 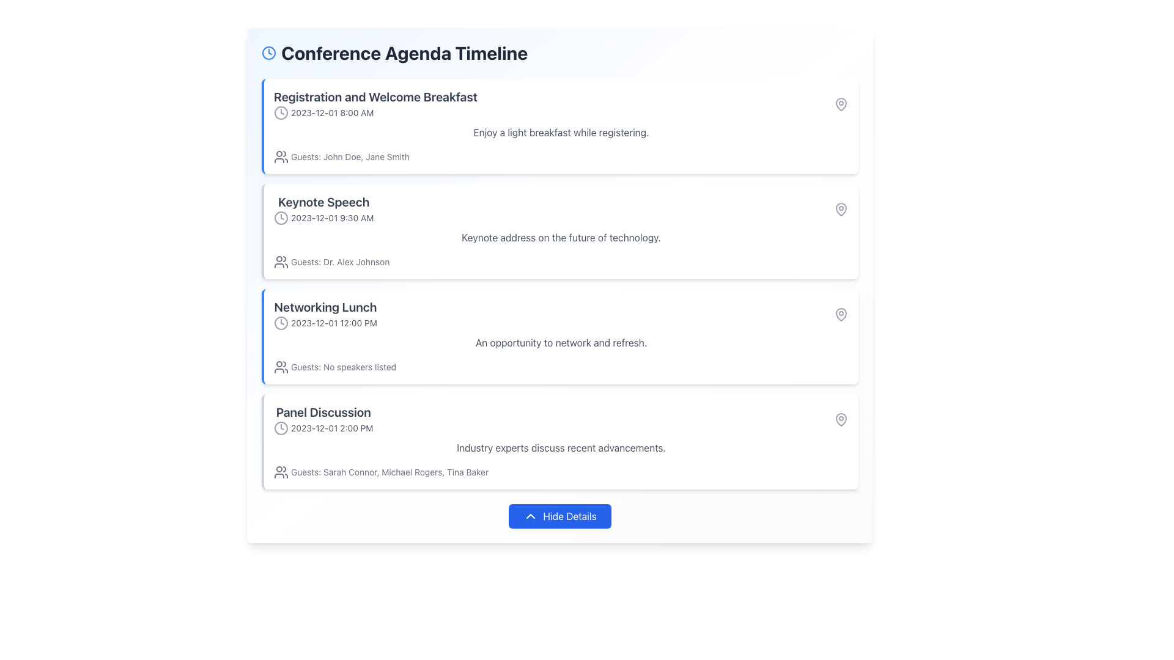 What do you see at coordinates (268, 53) in the screenshot?
I see `the minimalist blue clock icon located at the far left of the 'Conference Agenda Timeline' header` at bounding box center [268, 53].